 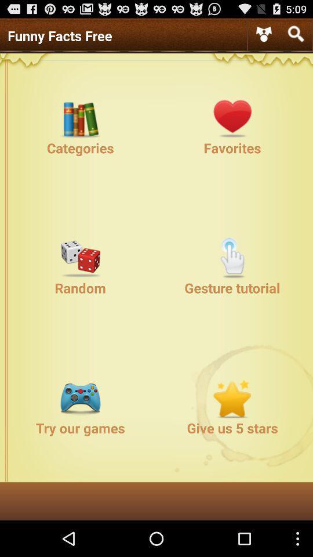 I want to click on open search box, so click(x=296, y=34).